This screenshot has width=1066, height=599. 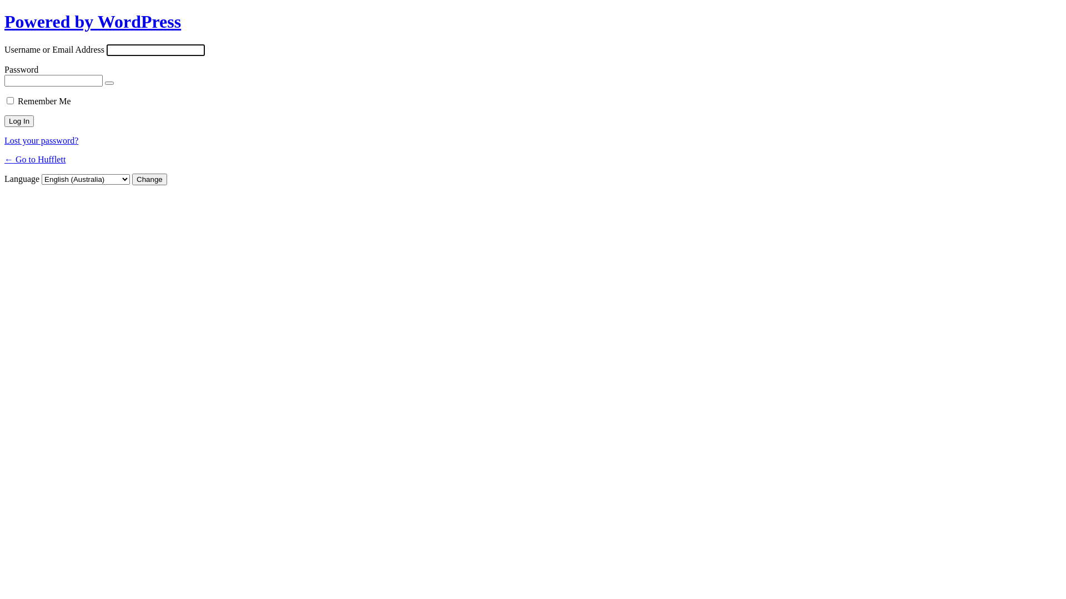 What do you see at coordinates (19, 121) in the screenshot?
I see `'Log In'` at bounding box center [19, 121].